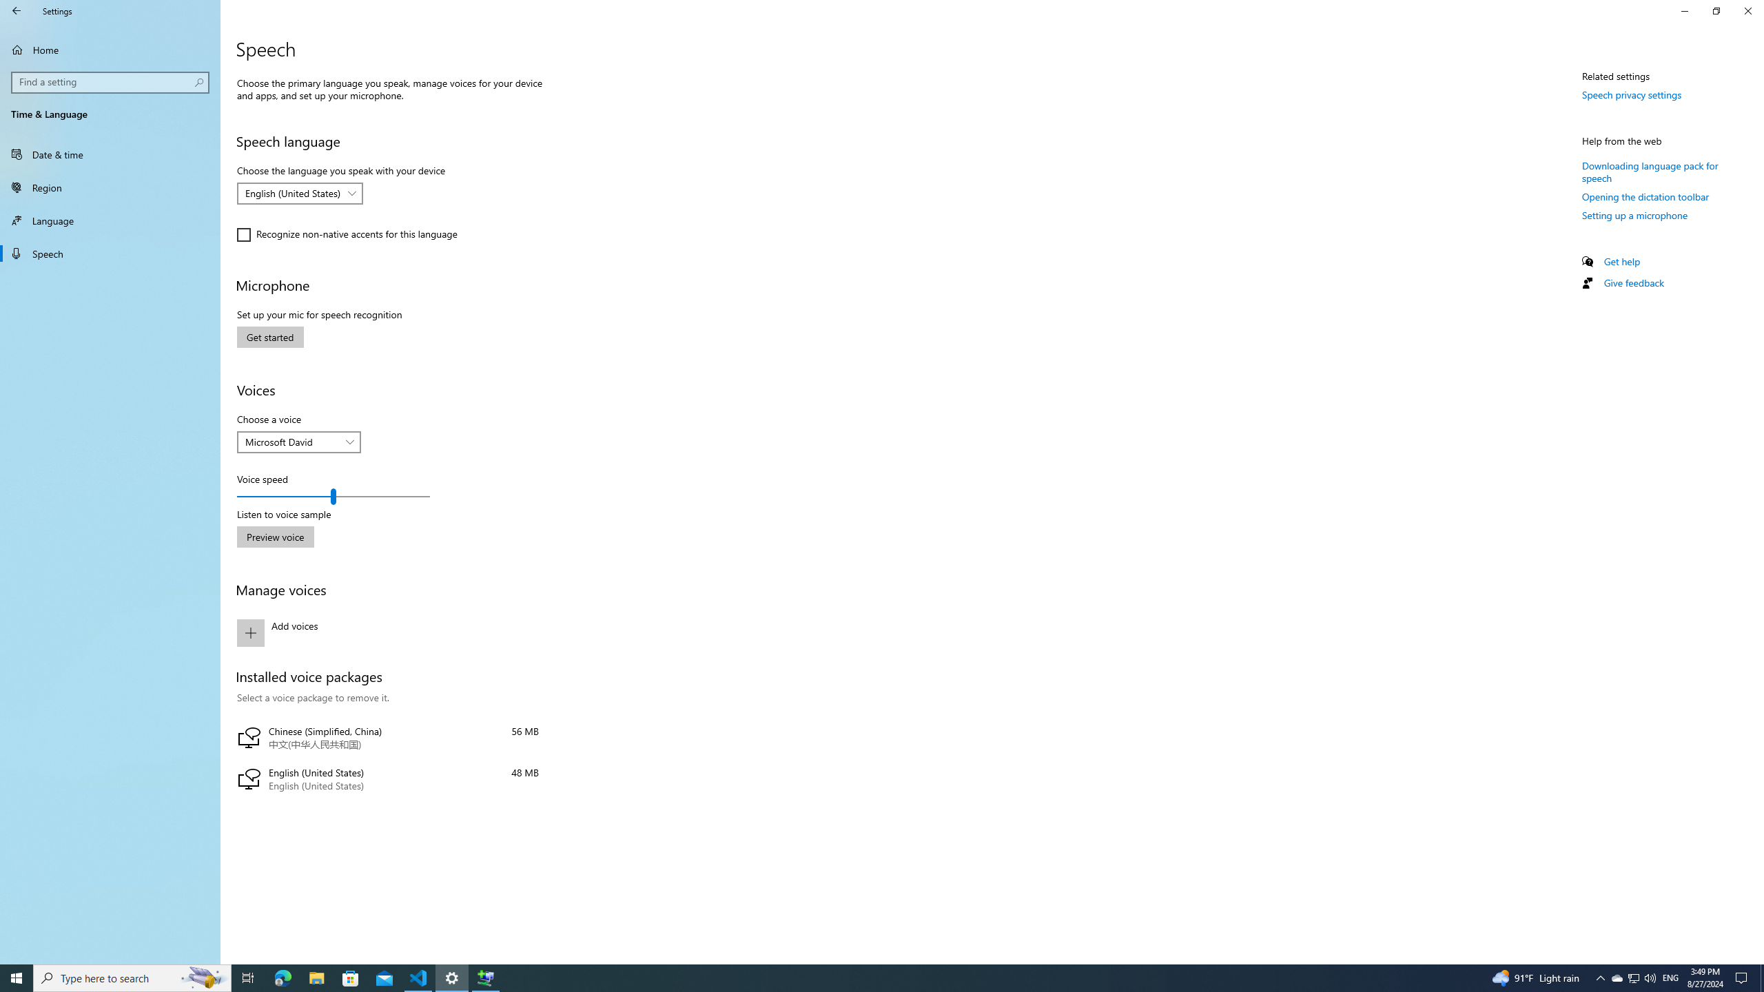 The height and width of the screenshot is (992, 1764). Describe the element at coordinates (110, 187) in the screenshot. I see `'Region'` at that location.